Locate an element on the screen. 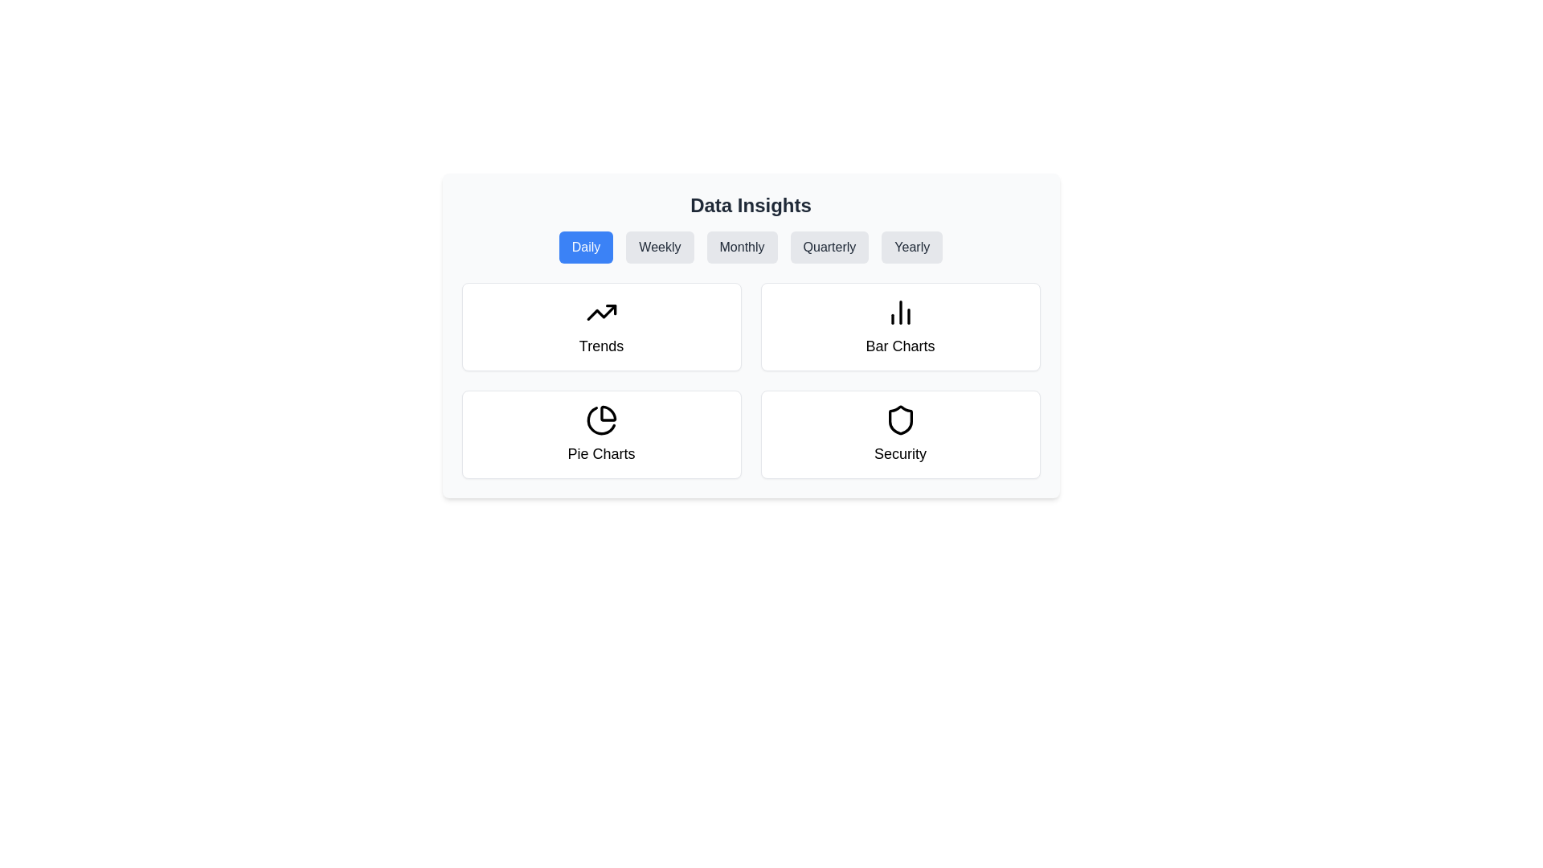 Image resolution: width=1543 pixels, height=868 pixels. the 'Monthly' button, which is the third button in a row of buttons labeled 'Daily', 'Weekly', 'Monthly', 'Quarterly', and 'Yearly'. The button has a light gray background with dark gray text and rounded corners is located at coordinates (741, 248).